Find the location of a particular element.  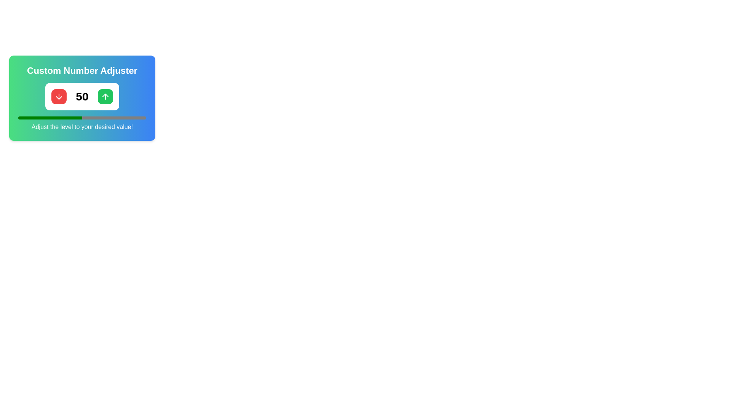

the slider value is located at coordinates (134, 118).